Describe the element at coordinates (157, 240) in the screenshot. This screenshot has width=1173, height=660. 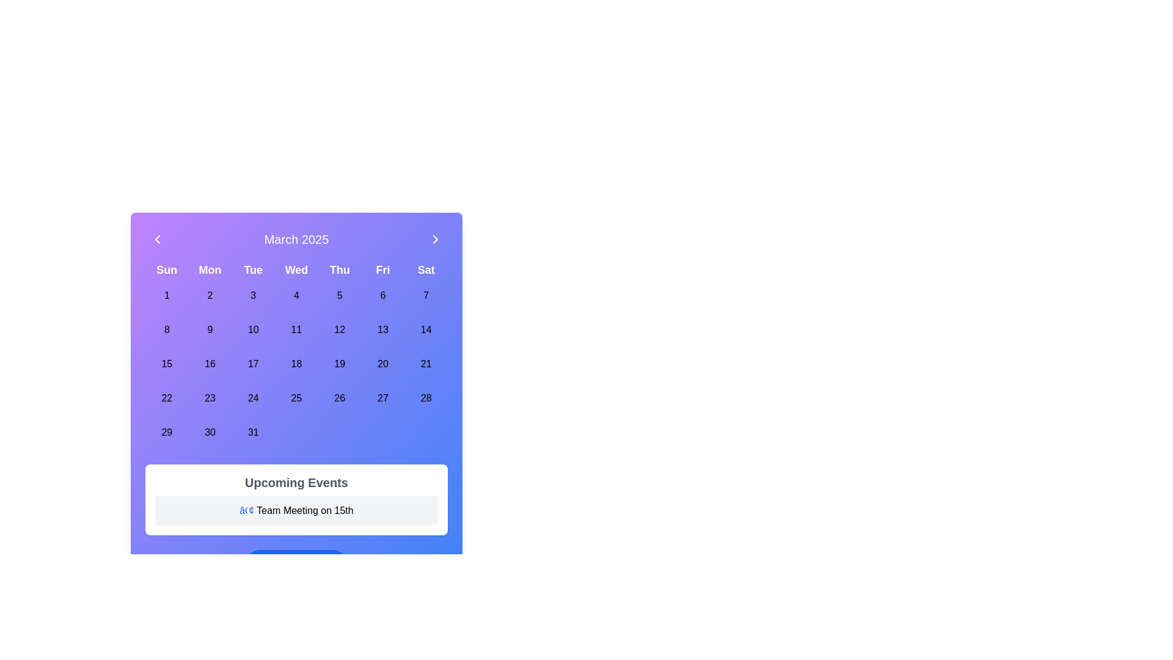
I see `the left-facing chevron arrow SVG icon located in the light purple square button area at the top-left corner of the calendar interface, adjacent to the 'March 2025' heading` at that location.